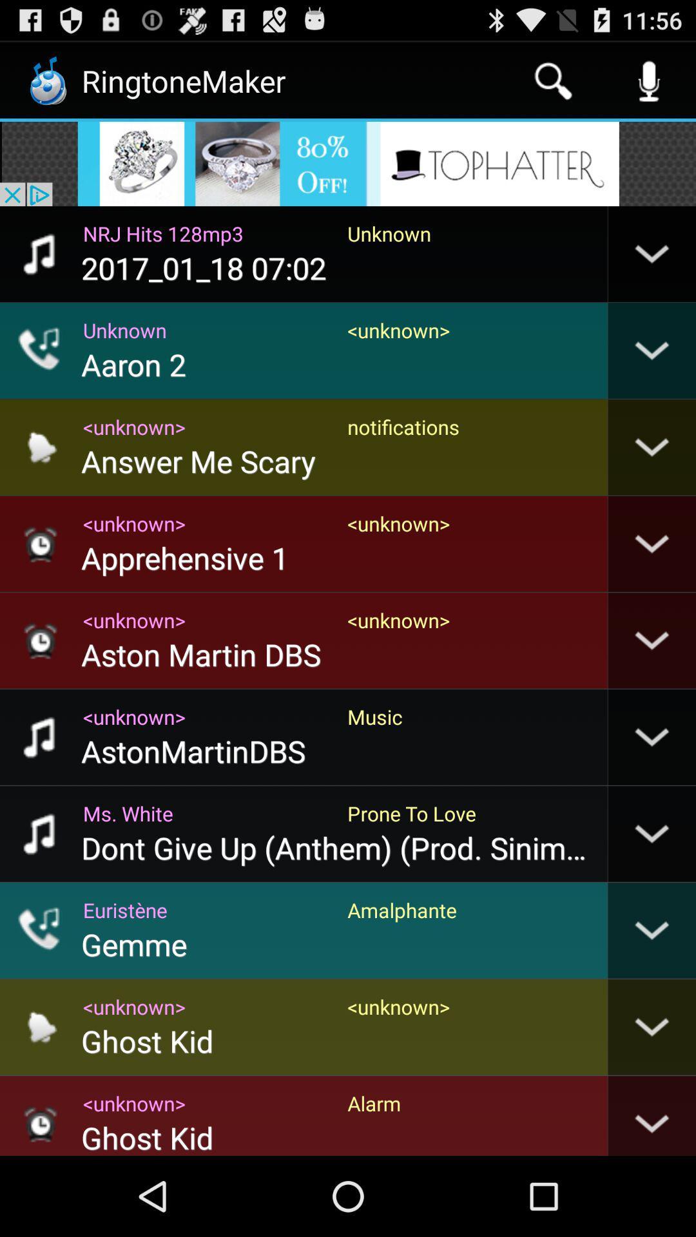 The width and height of the screenshot is (696, 1237). What do you see at coordinates (348, 163) in the screenshot?
I see `open page` at bounding box center [348, 163].